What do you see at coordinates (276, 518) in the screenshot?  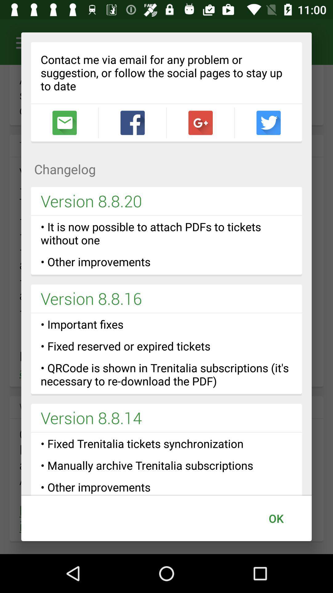 I see `ok icon` at bounding box center [276, 518].